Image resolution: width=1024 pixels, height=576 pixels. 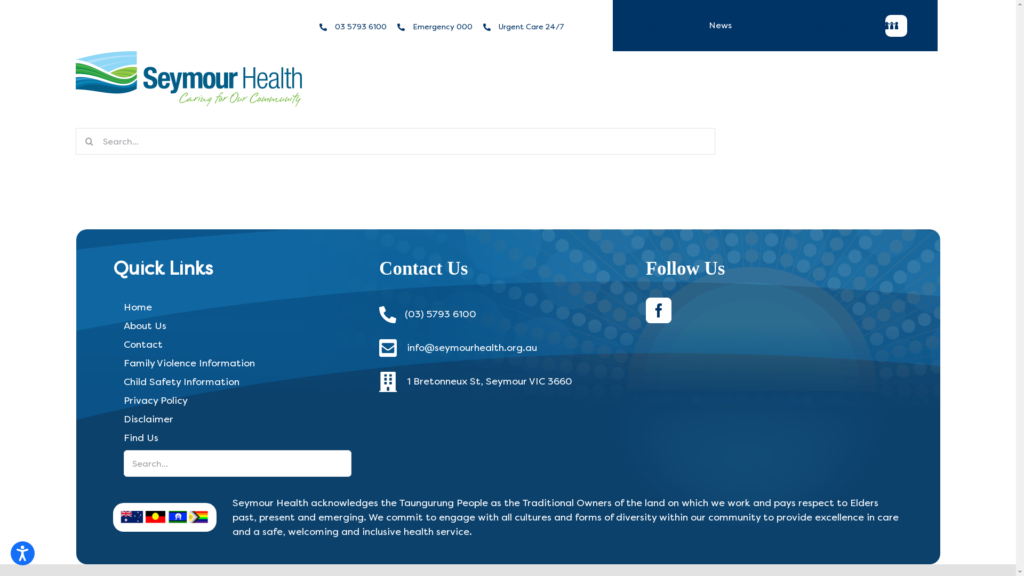 I want to click on 'info@seymourhealth.org.au', so click(x=471, y=347).